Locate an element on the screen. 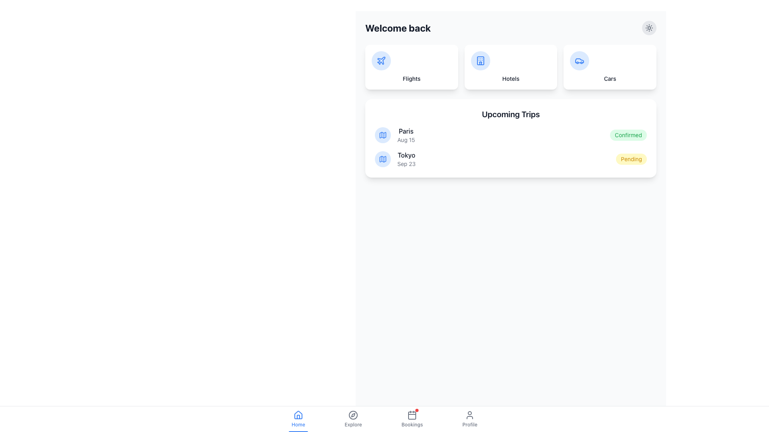 The height and width of the screenshot is (432, 769). the Status label with a light yellow background and the text 'Pending', located in the bottom right corner of the card in the 'Upcoming Trips' section next to 'Tokyo' dated 'Sep 23' is located at coordinates (631, 159).